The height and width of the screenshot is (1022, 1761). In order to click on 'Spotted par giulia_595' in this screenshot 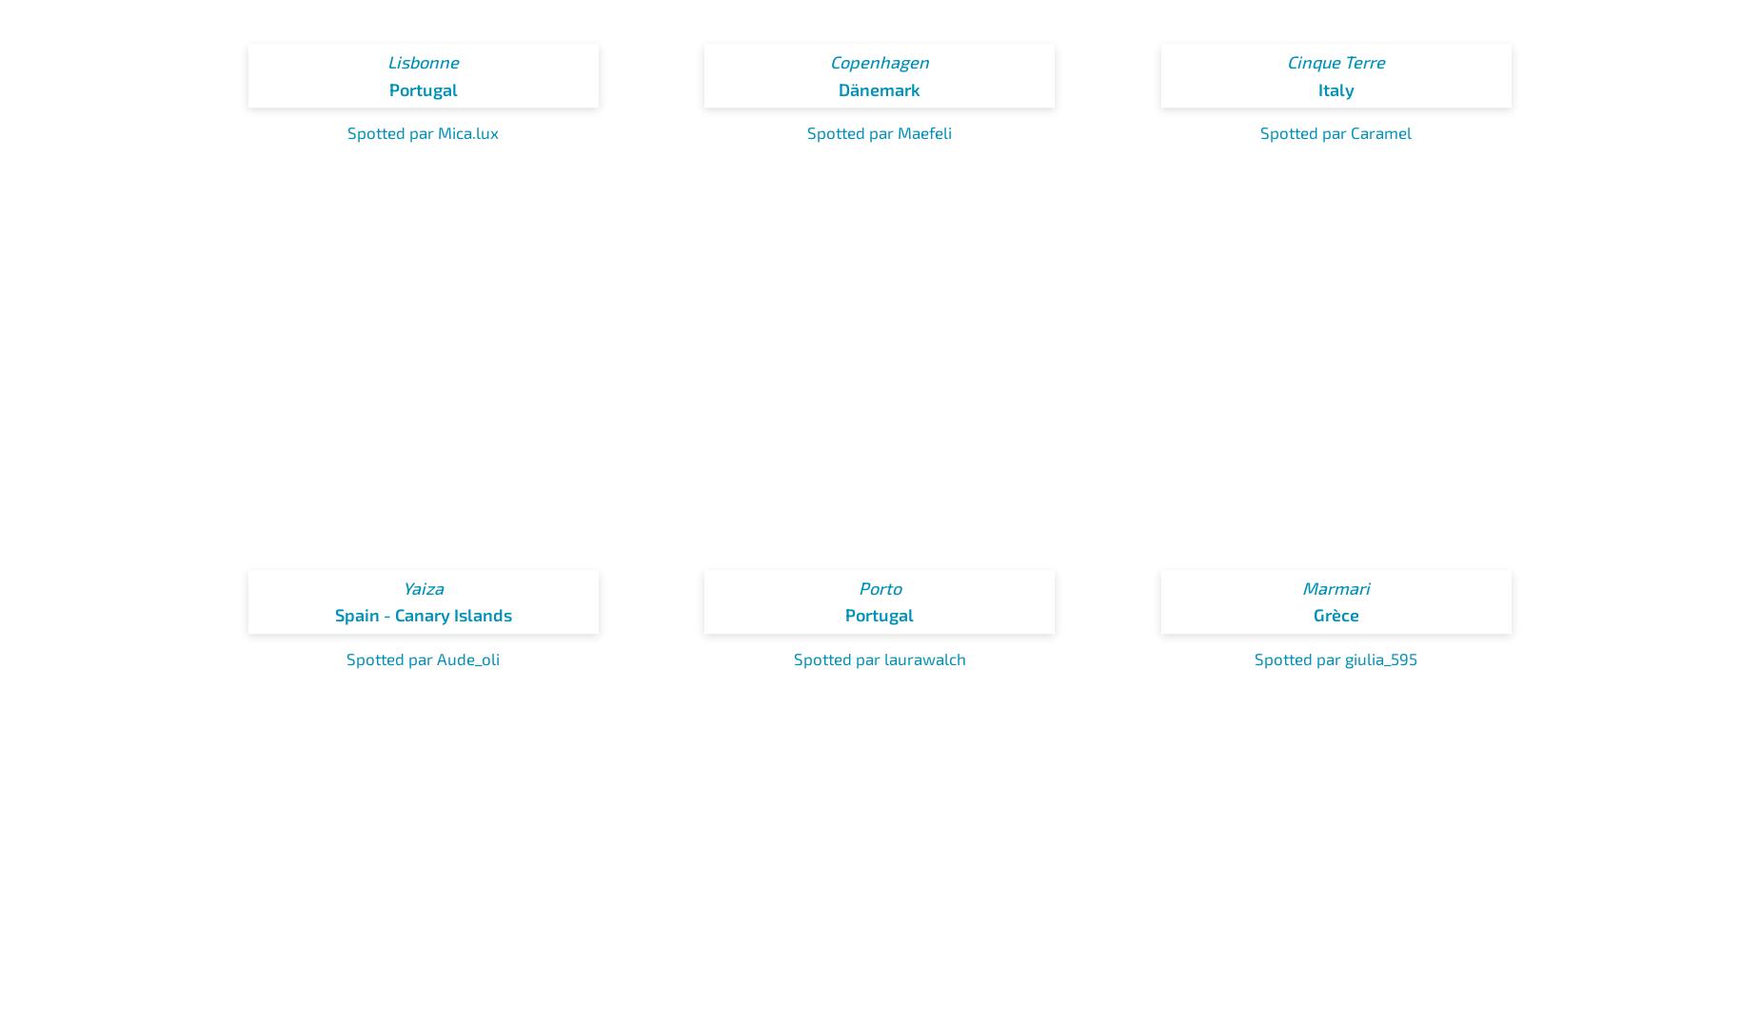, I will do `click(1253, 657)`.